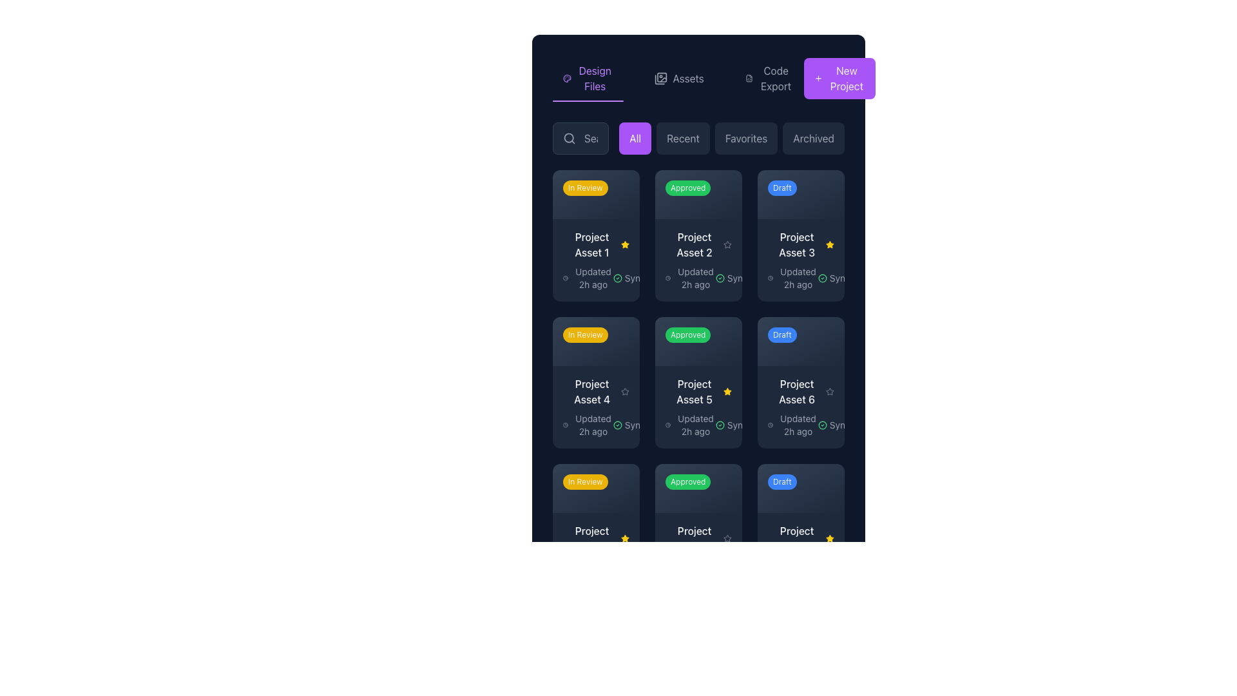 The height and width of the screenshot is (696, 1237). I want to click on the small circular clock icon located to the left of the text 'Updated 2h ago' in the second asset card of the top row, so click(668, 277).